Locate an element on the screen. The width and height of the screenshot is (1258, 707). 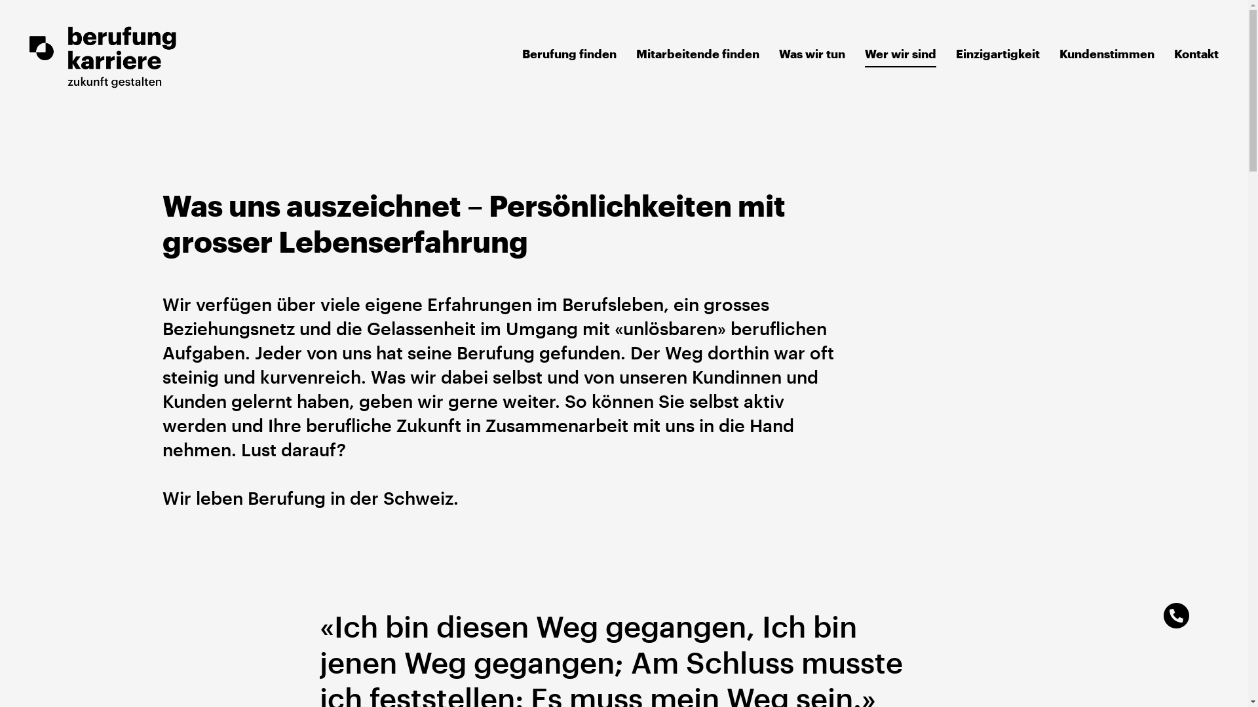
'Einzigartigkeit' is located at coordinates (997, 53).